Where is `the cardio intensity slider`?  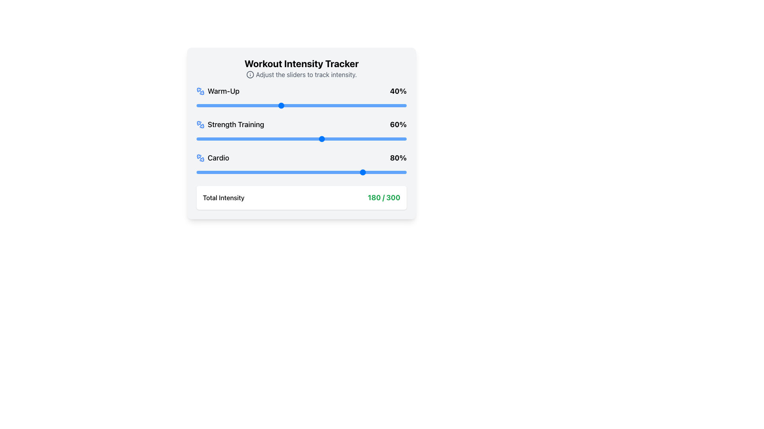
the cardio intensity slider is located at coordinates (248, 172).